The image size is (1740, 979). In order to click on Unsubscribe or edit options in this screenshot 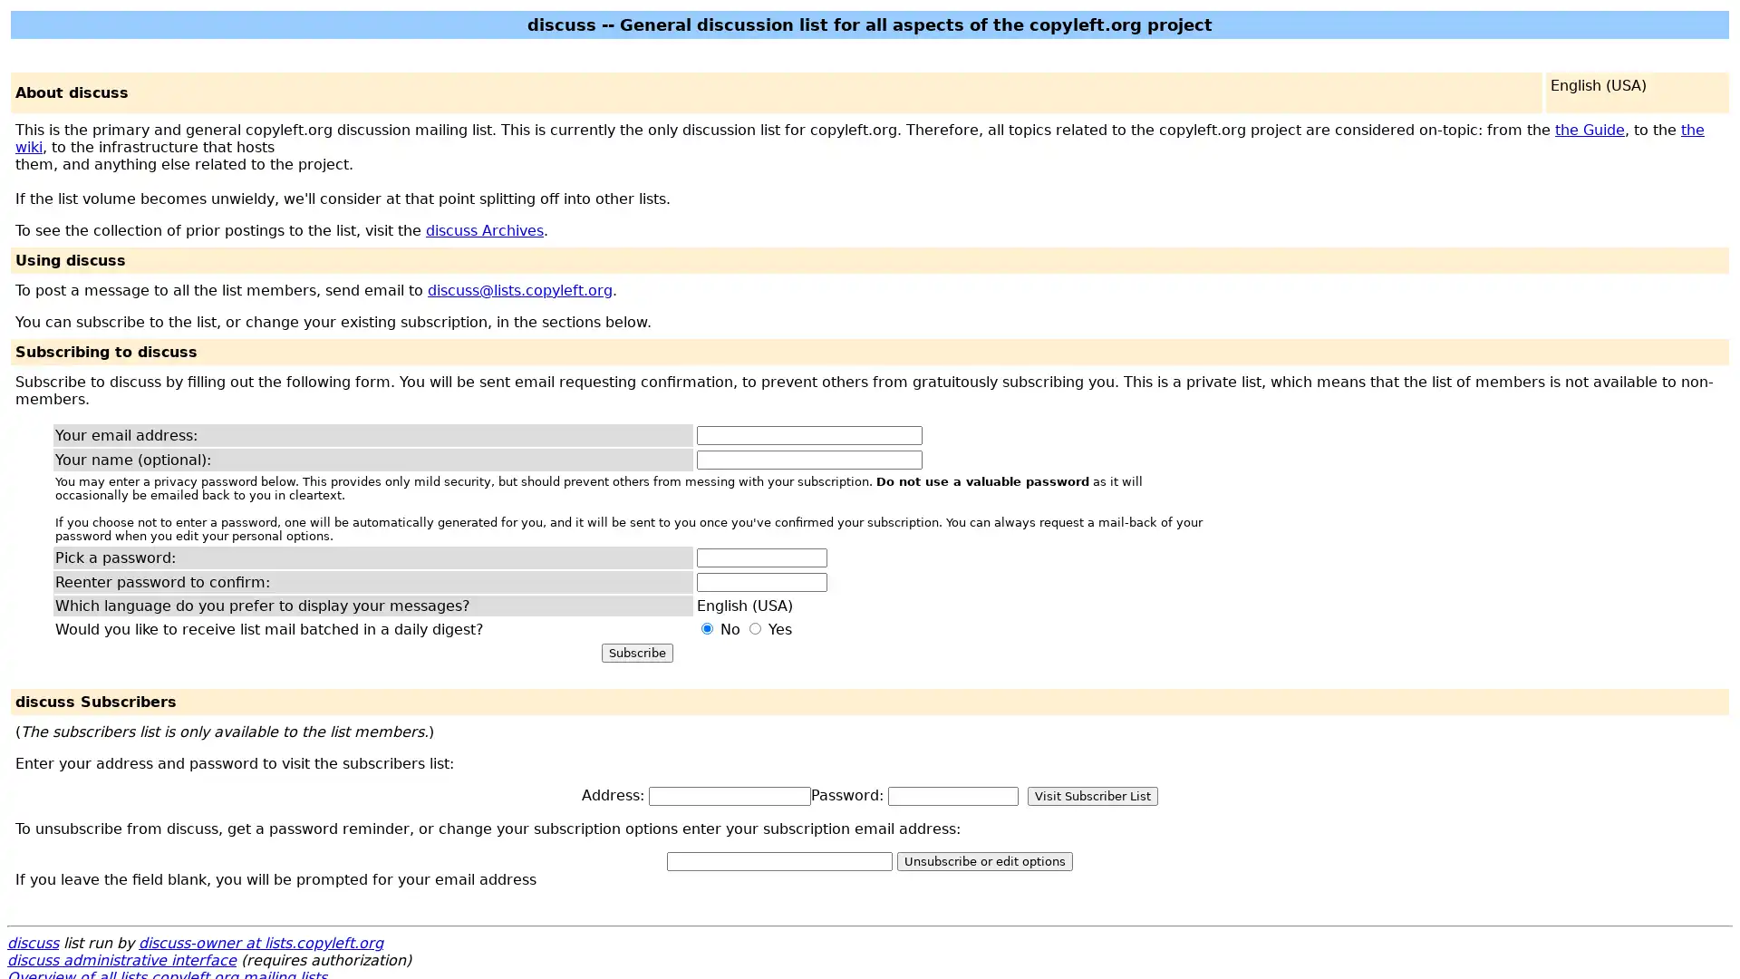, I will do `click(983, 860)`.